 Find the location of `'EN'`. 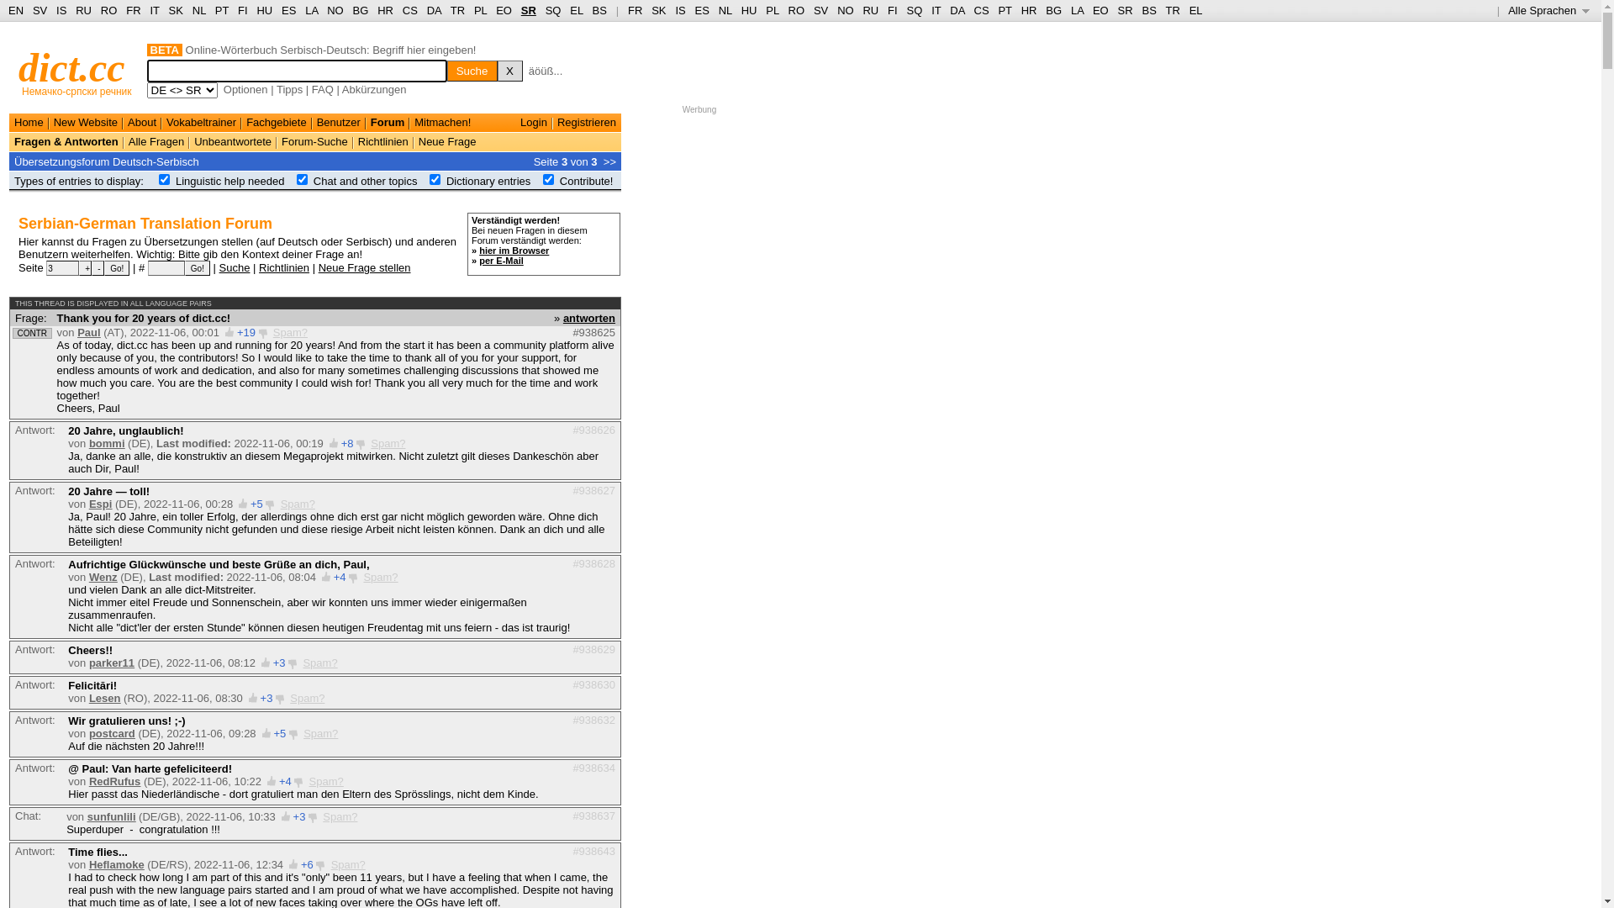

'EN' is located at coordinates (16, 10).